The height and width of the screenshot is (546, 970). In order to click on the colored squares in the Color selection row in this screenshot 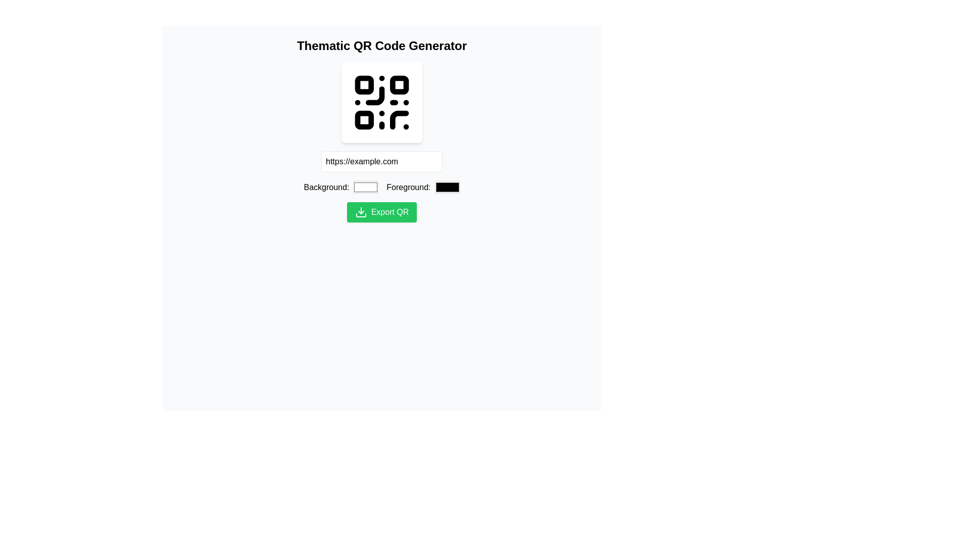, I will do `click(381, 187)`.